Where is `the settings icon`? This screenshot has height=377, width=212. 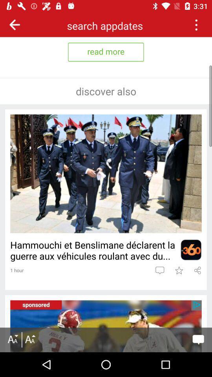 the settings icon is located at coordinates (190, 249).